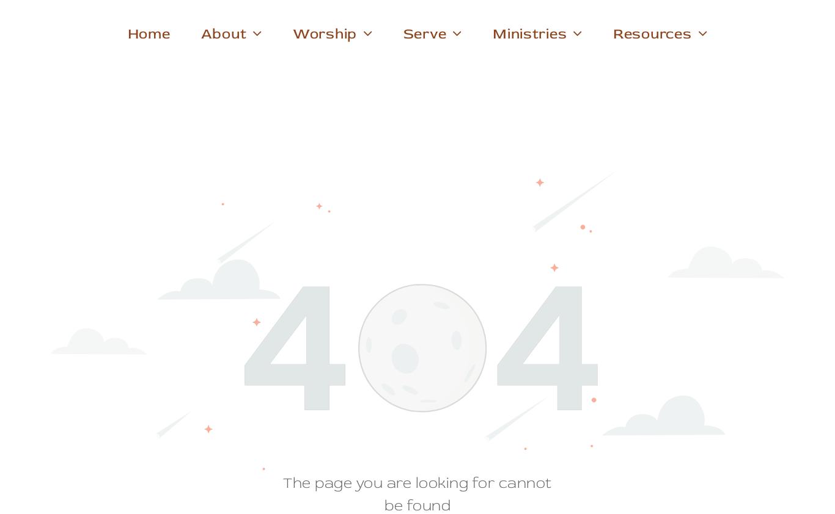 This screenshot has width=835, height=514. Describe the element at coordinates (301, 87) in the screenshot. I see `'Music Ministry'` at that location.